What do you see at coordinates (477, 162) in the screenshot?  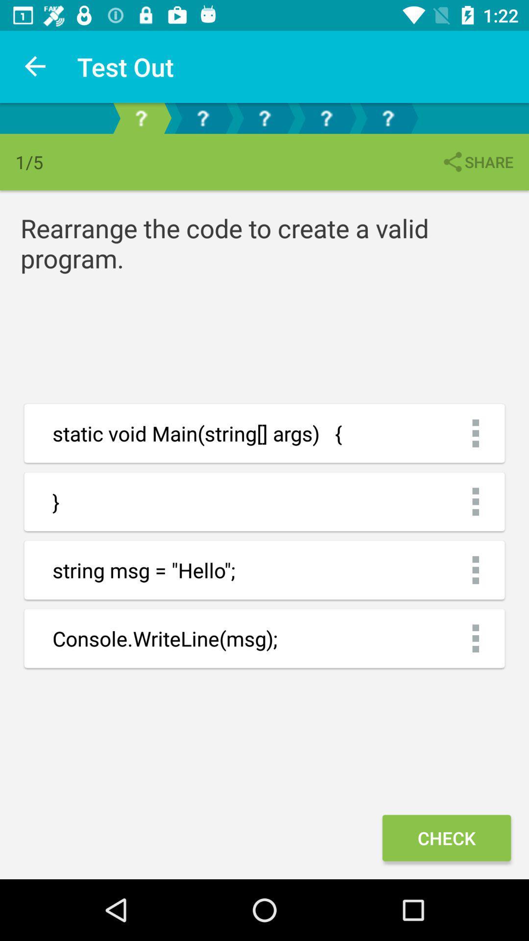 I see `the share` at bounding box center [477, 162].